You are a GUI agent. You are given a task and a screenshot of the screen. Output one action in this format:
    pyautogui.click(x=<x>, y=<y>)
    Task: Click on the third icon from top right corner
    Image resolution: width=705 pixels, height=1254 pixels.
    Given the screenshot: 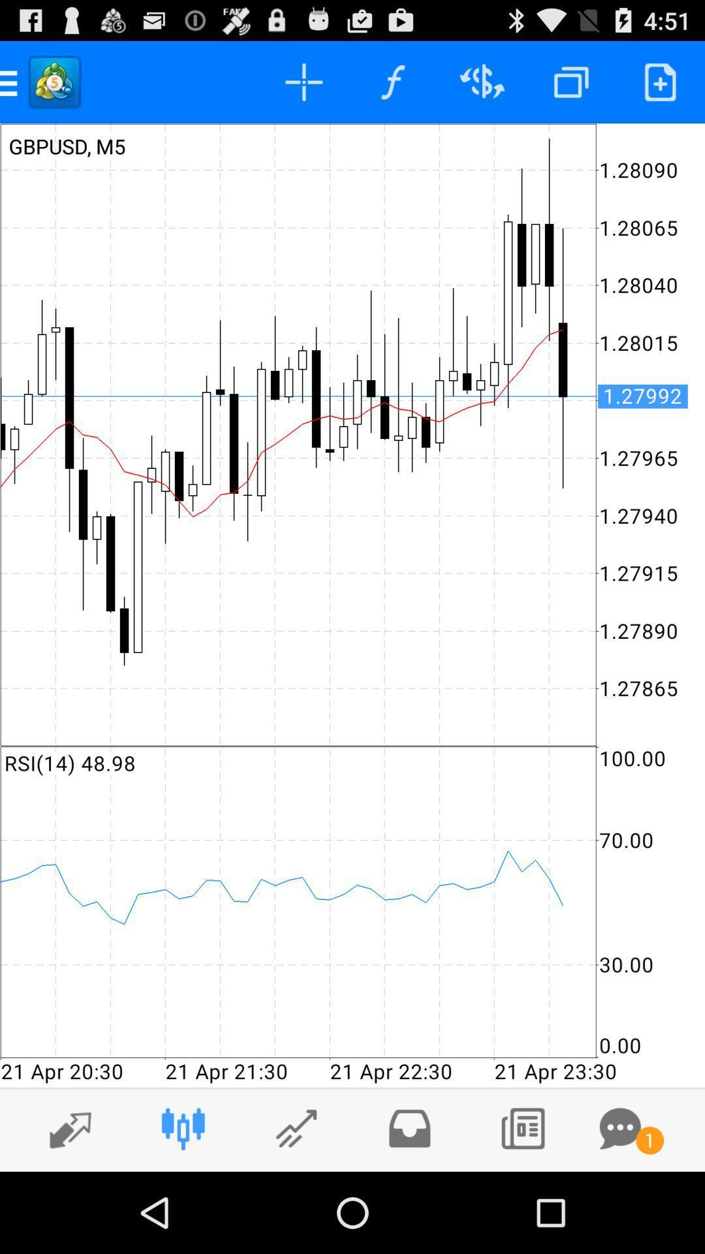 What is the action you would take?
    pyautogui.click(x=482, y=81)
    